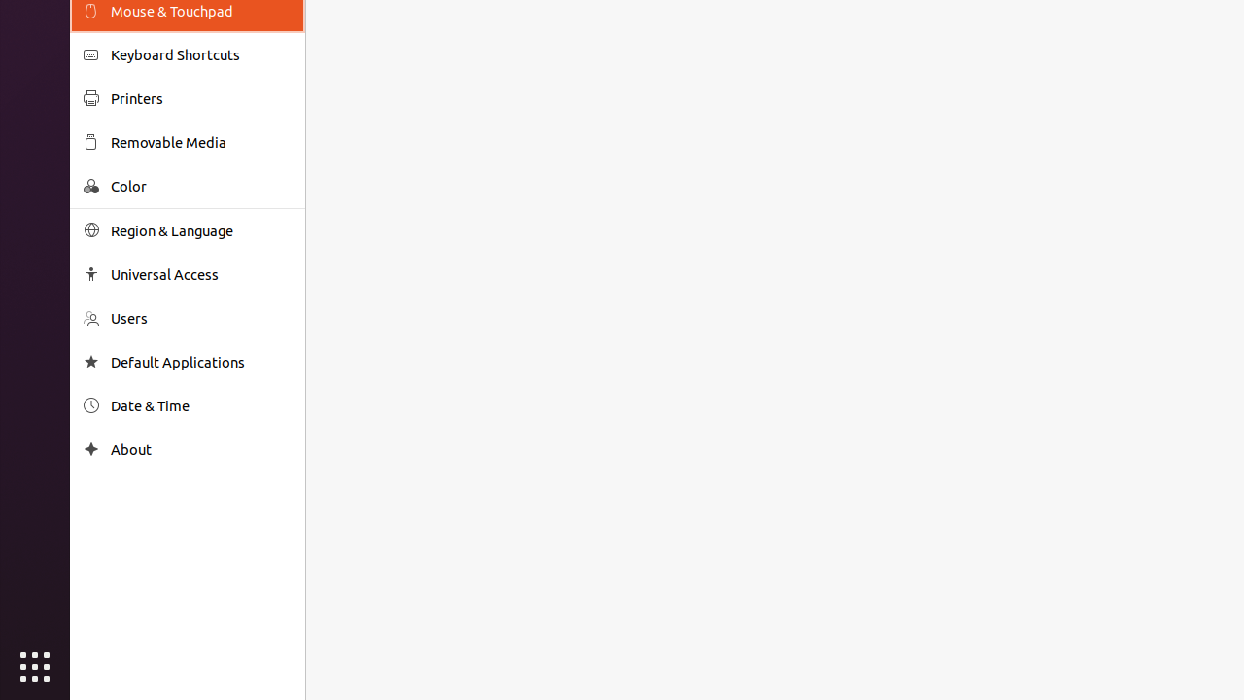 This screenshot has height=700, width=1244. Describe the element at coordinates (200, 404) in the screenshot. I see `'Date & Time'` at that location.